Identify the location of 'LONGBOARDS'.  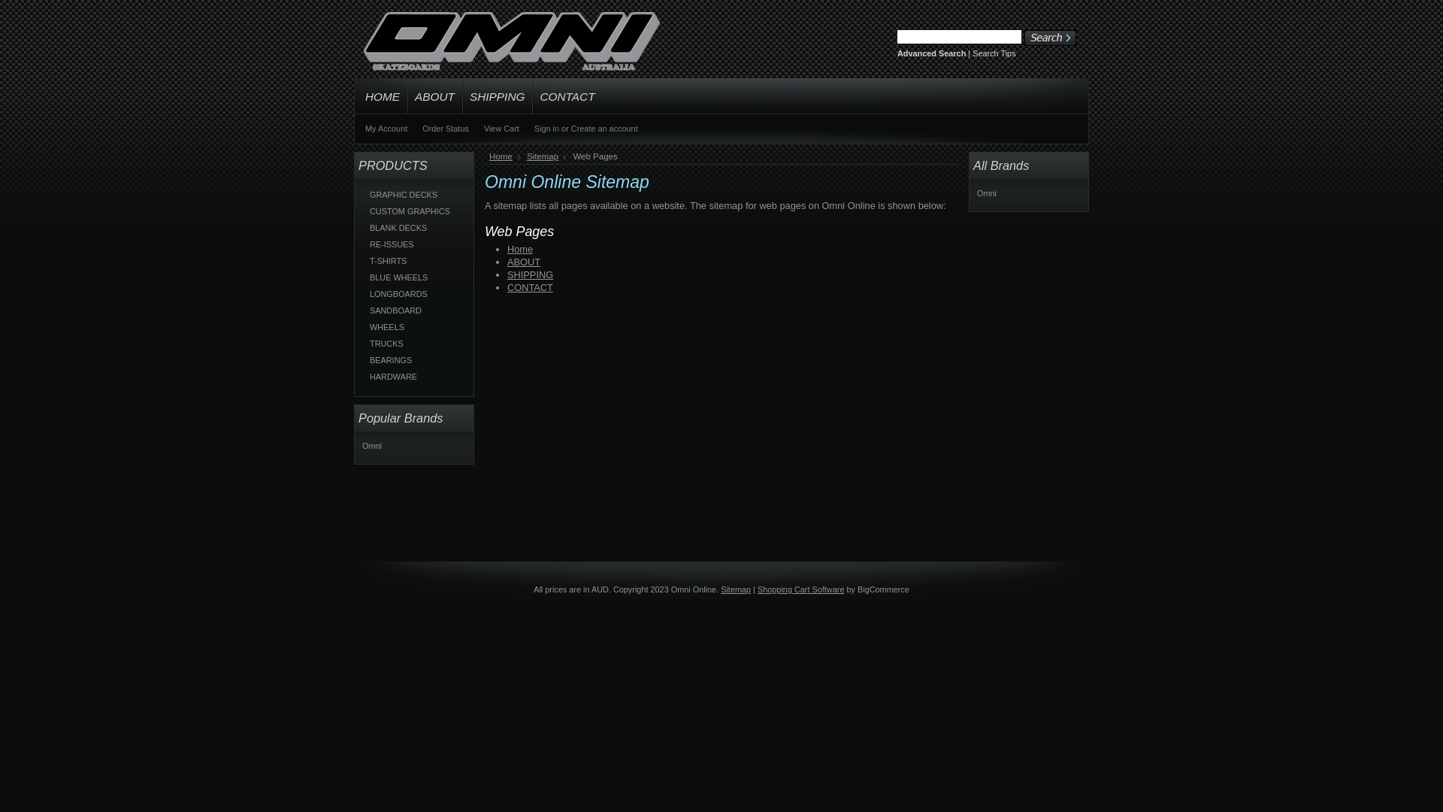
(415, 293).